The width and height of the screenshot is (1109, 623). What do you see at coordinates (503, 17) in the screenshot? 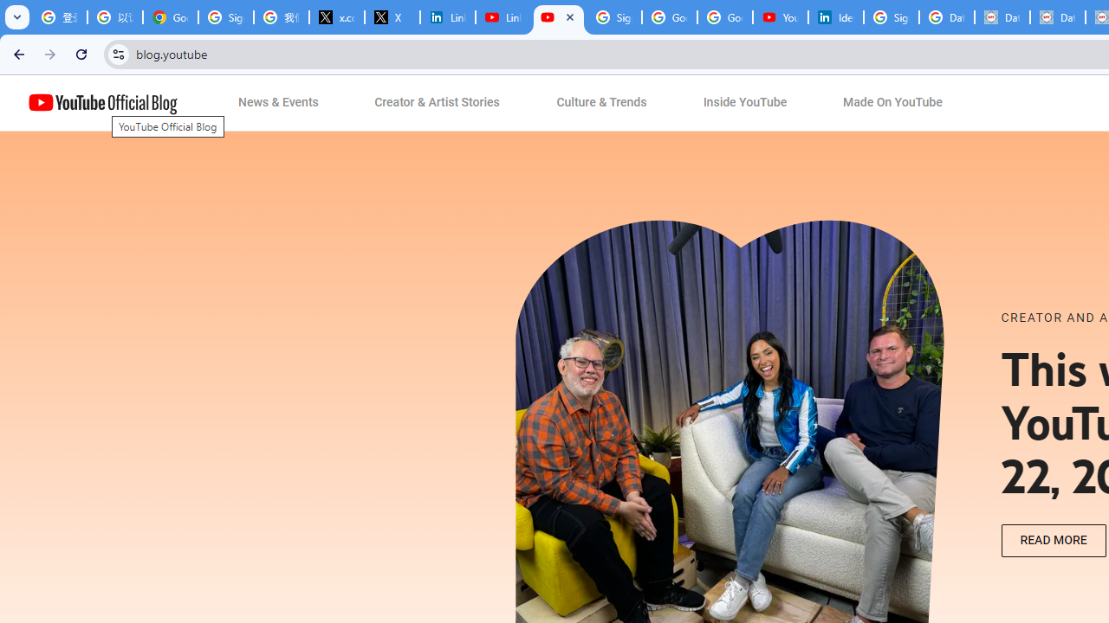
I see `'LinkedIn - YouTube'` at bounding box center [503, 17].